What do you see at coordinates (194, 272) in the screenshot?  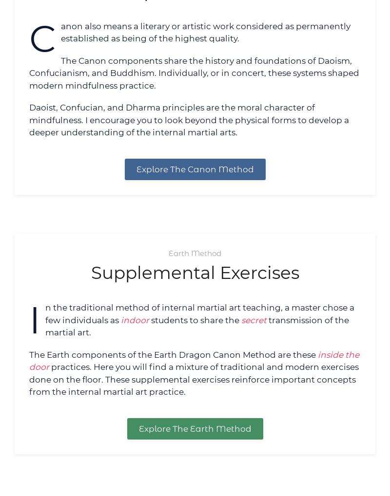 I see `'Supplemental Exercises'` at bounding box center [194, 272].